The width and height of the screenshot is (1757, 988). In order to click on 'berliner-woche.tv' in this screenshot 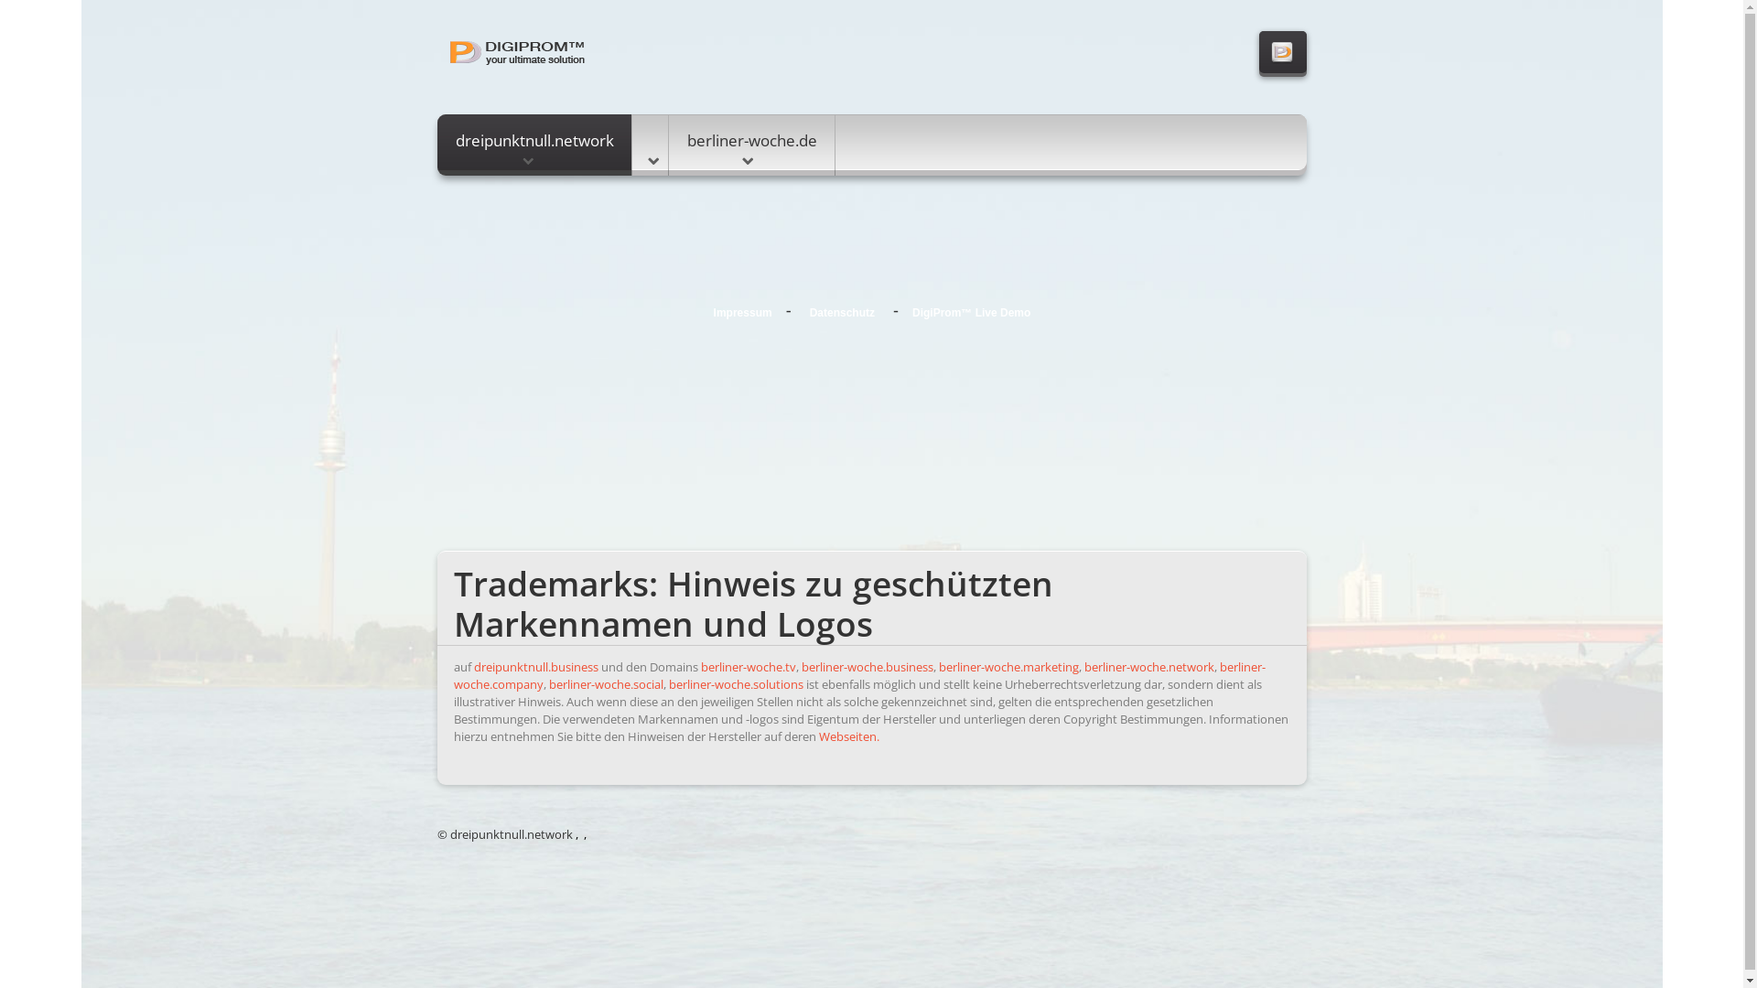, I will do `click(700, 667)`.